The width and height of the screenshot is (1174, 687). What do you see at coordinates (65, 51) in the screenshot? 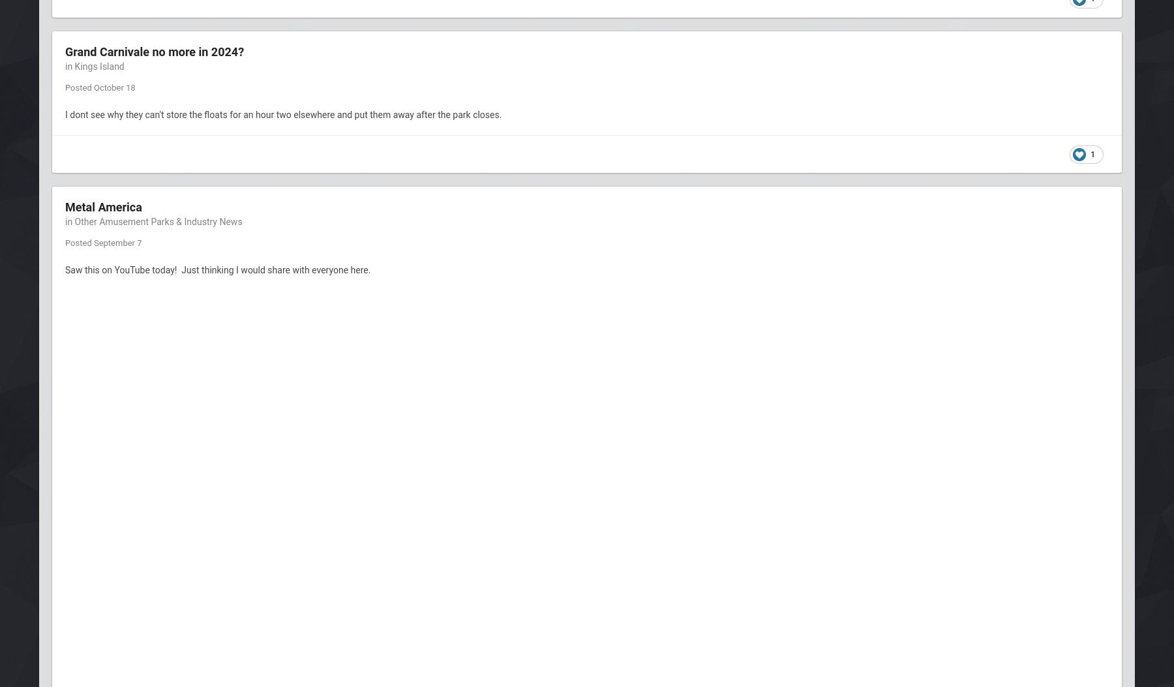
I see `'Grand Carnivale no more in 2024?'` at bounding box center [65, 51].